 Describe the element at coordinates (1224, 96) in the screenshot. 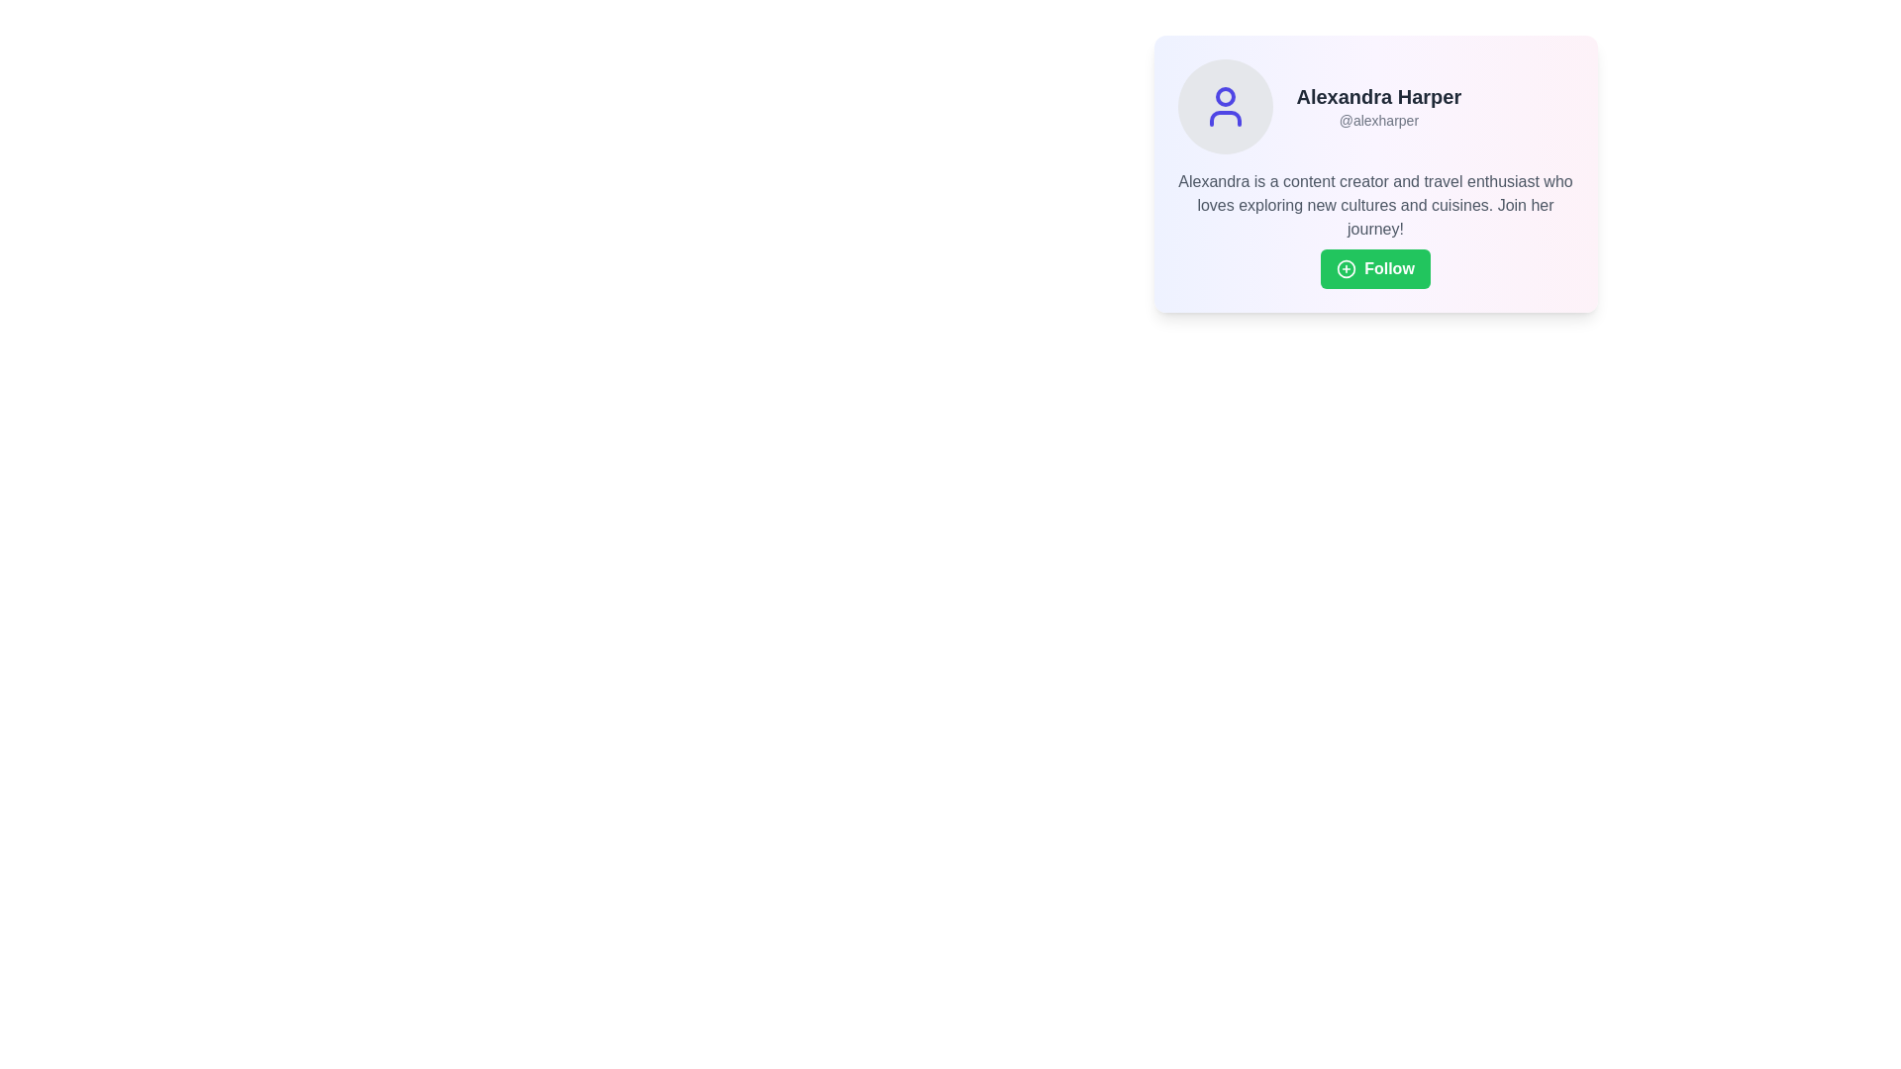

I see `the circle representing the head portion of the user icon in the top-left of the card displaying user details` at that location.